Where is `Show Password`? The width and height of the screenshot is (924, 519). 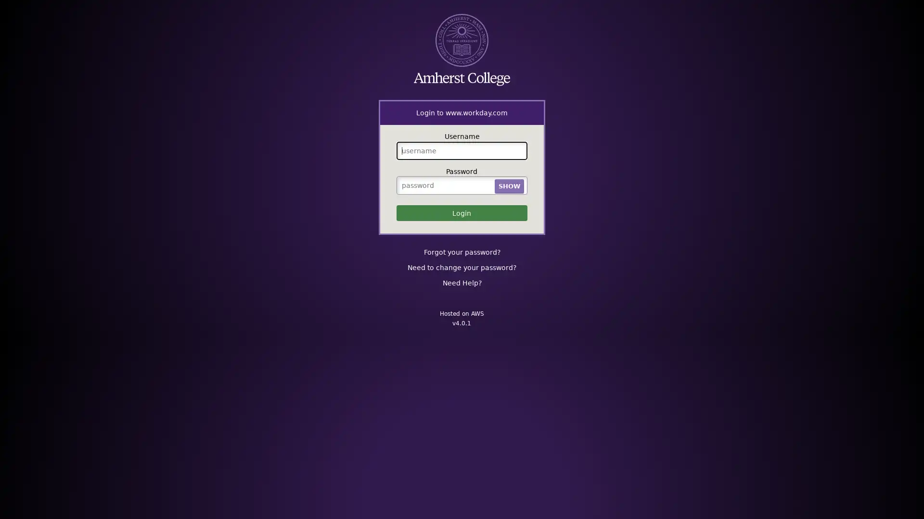
Show Password is located at coordinates (508, 185).